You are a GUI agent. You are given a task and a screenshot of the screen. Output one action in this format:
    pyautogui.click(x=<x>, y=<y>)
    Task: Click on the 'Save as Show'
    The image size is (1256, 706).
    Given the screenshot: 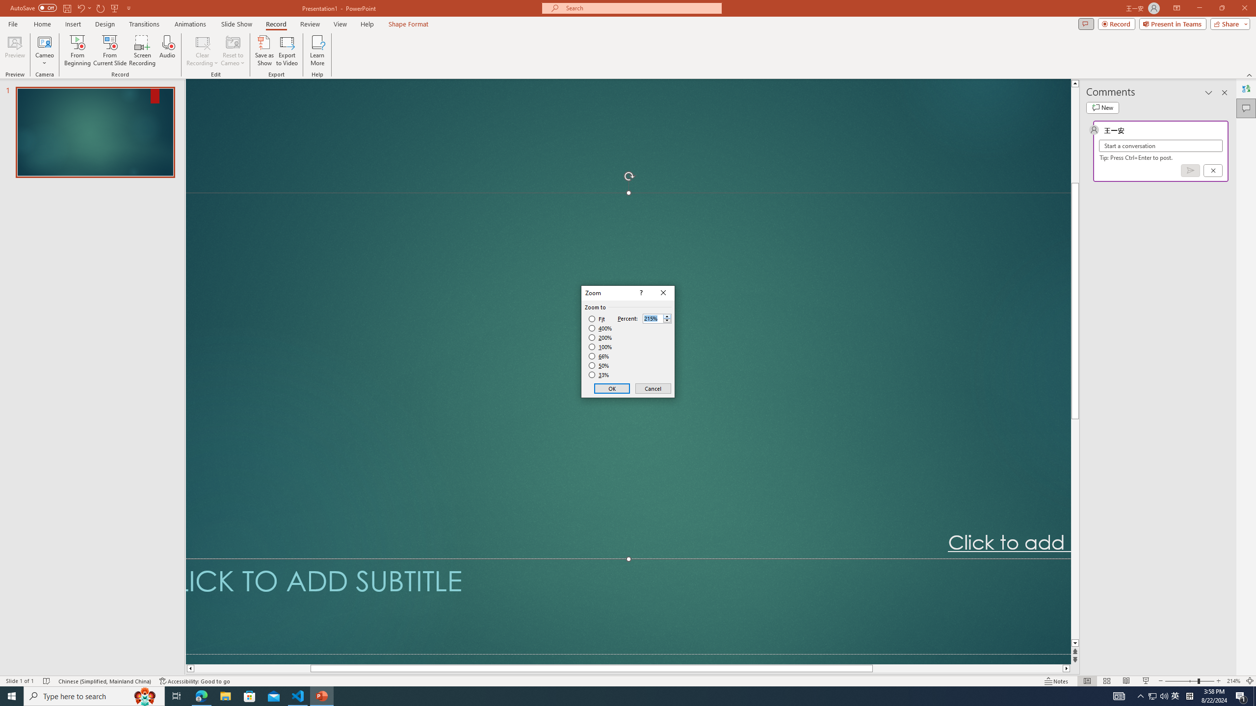 What is the action you would take?
    pyautogui.click(x=264, y=50)
    